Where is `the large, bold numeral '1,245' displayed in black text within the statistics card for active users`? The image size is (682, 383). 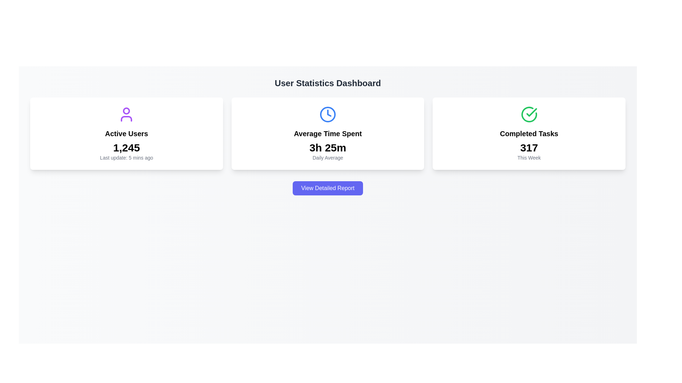 the large, bold numeral '1,245' displayed in black text within the statistics card for active users is located at coordinates (126, 147).